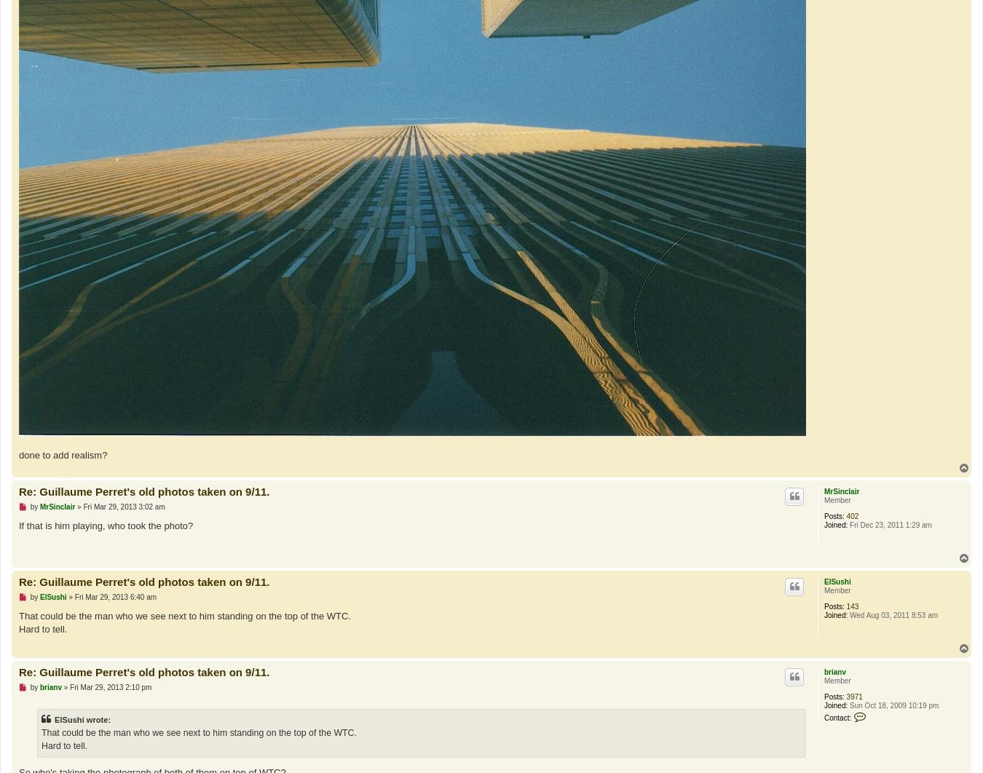 The width and height of the screenshot is (983, 773). Describe the element at coordinates (106, 525) in the screenshot. I see `'If that is him playing, who took the photo?'` at that location.